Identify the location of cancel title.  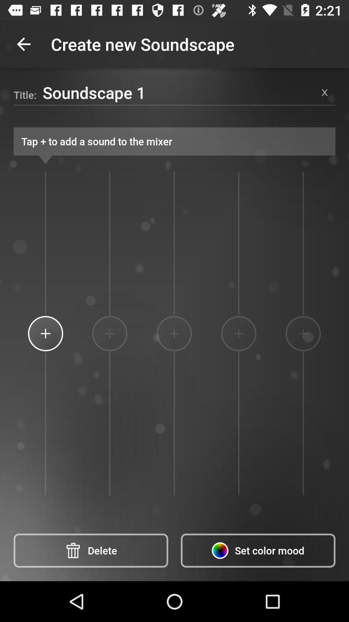
(325, 92).